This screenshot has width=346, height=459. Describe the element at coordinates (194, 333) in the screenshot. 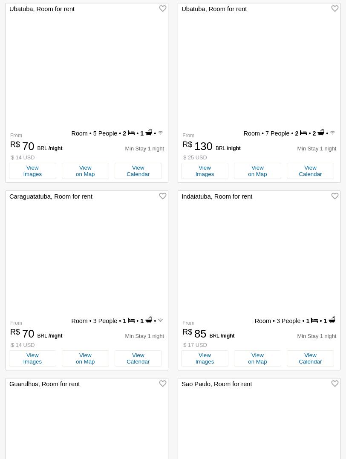

I see `'85'` at that location.